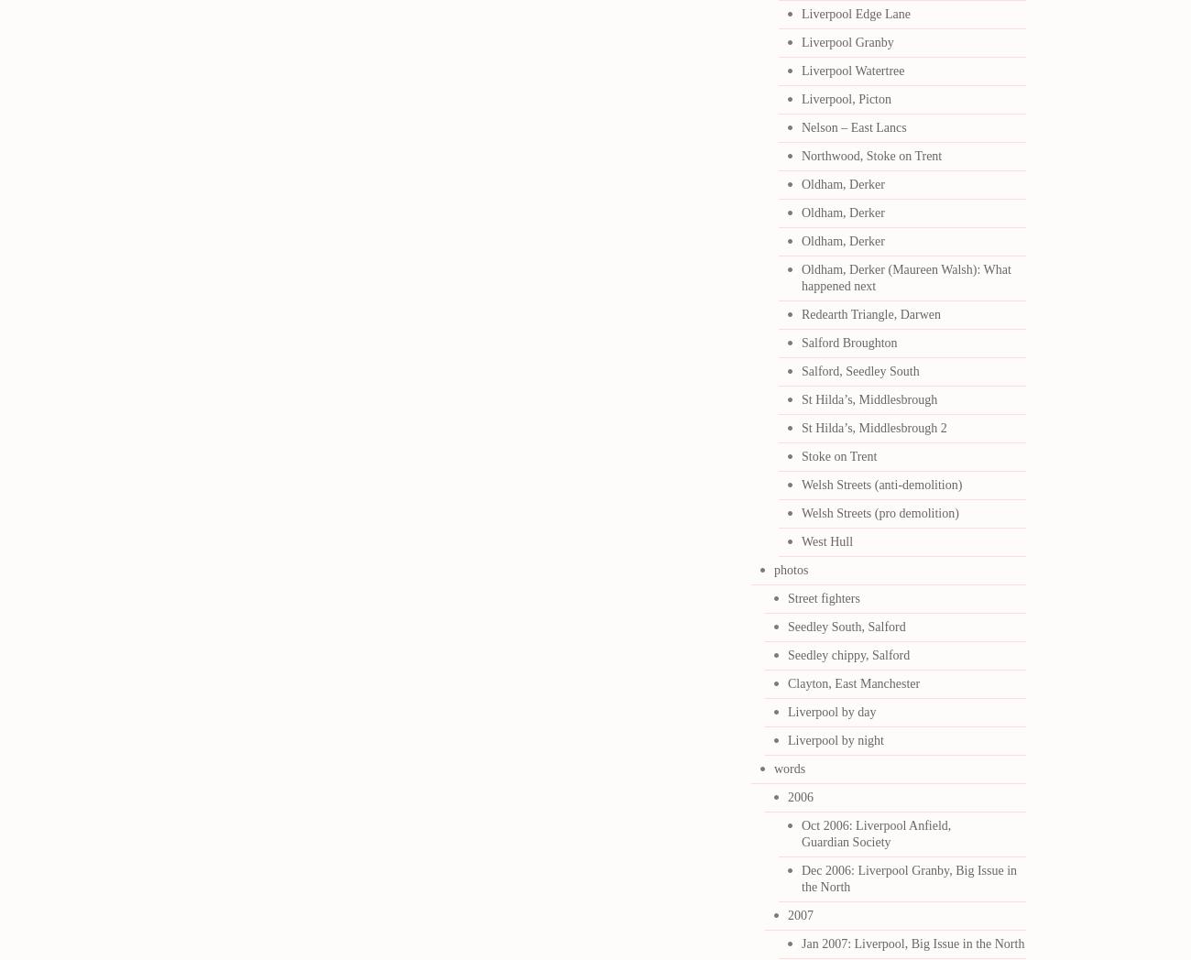 The width and height of the screenshot is (1191, 960). What do you see at coordinates (876, 833) in the screenshot?
I see `'Oct 2006: Liverpool Anfield, Guardian Society'` at bounding box center [876, 833].